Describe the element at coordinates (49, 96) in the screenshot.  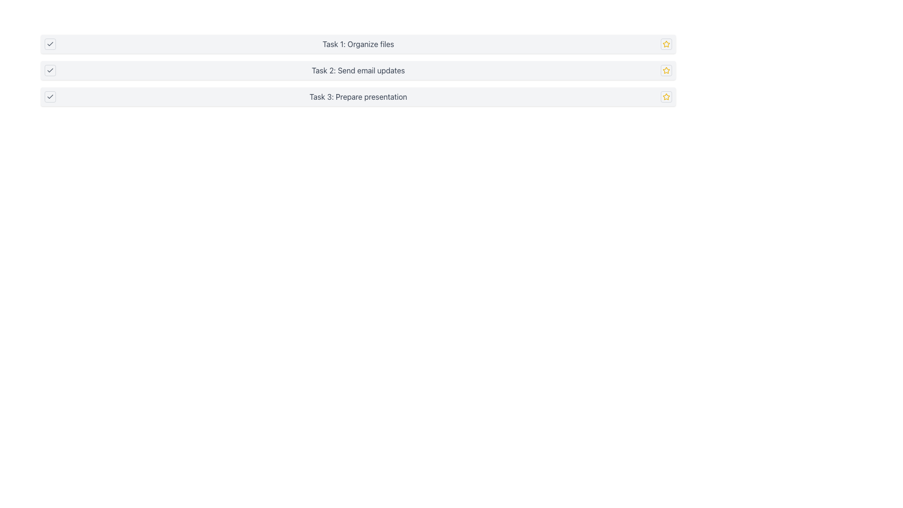
I see `the checkmark SVG icon associated with 'Task 3: Prepare presentation'` at that location.